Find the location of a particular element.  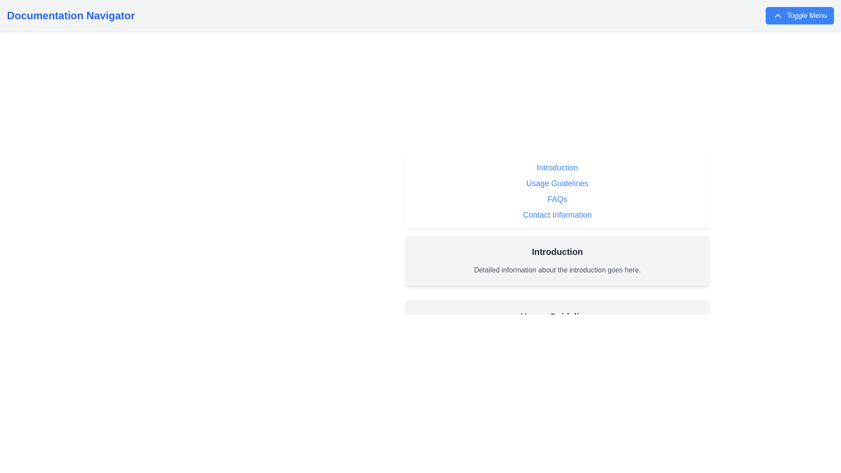

the 'Usage Guidelines' hyperlink, which is styled in blue and underlined is located at coordinates (557, 183).